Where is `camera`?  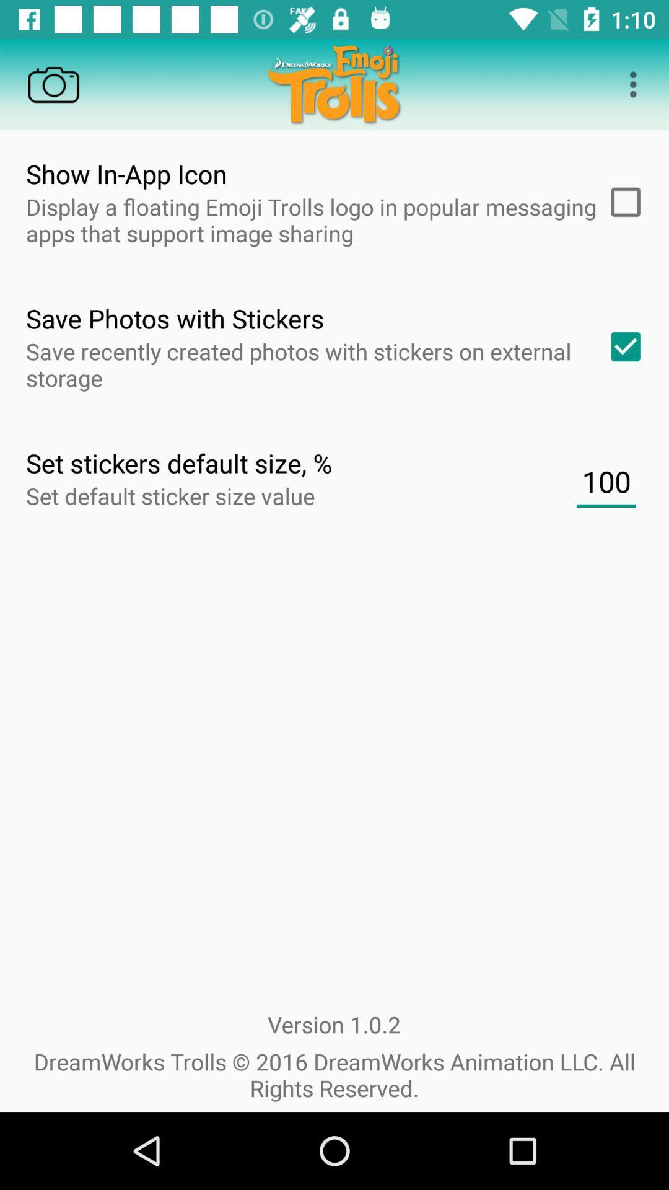
camera is located at coordinates (53, 84).